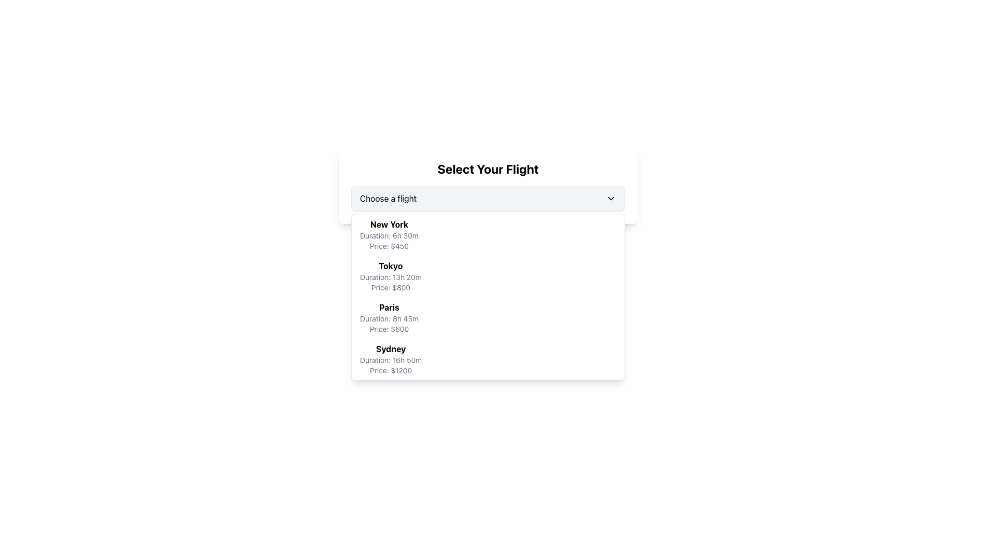  Describe the element at coordinates (487, 275) in the screenshot. I see `the second option in the dropdown list titled 'Select Your Flight'` at that location.